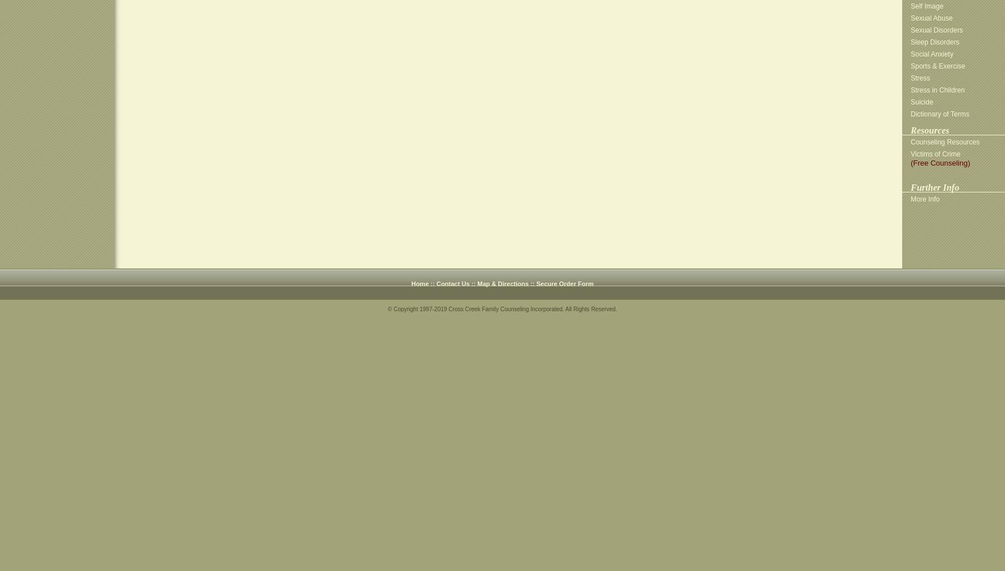 Image resolution: width=1005 pixels, height=571 pixels. What do you see at coordinates (910, 163) in the screenshot?
I see `'(Free Counseling)'` at bounding box center [910, 163].